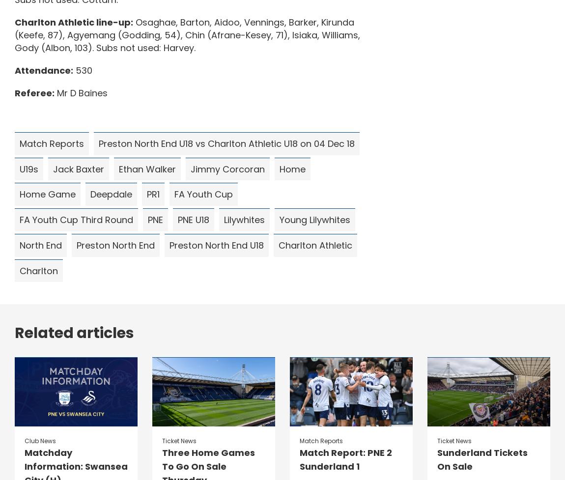  I want to click on 'Club News', so click(24, 440).